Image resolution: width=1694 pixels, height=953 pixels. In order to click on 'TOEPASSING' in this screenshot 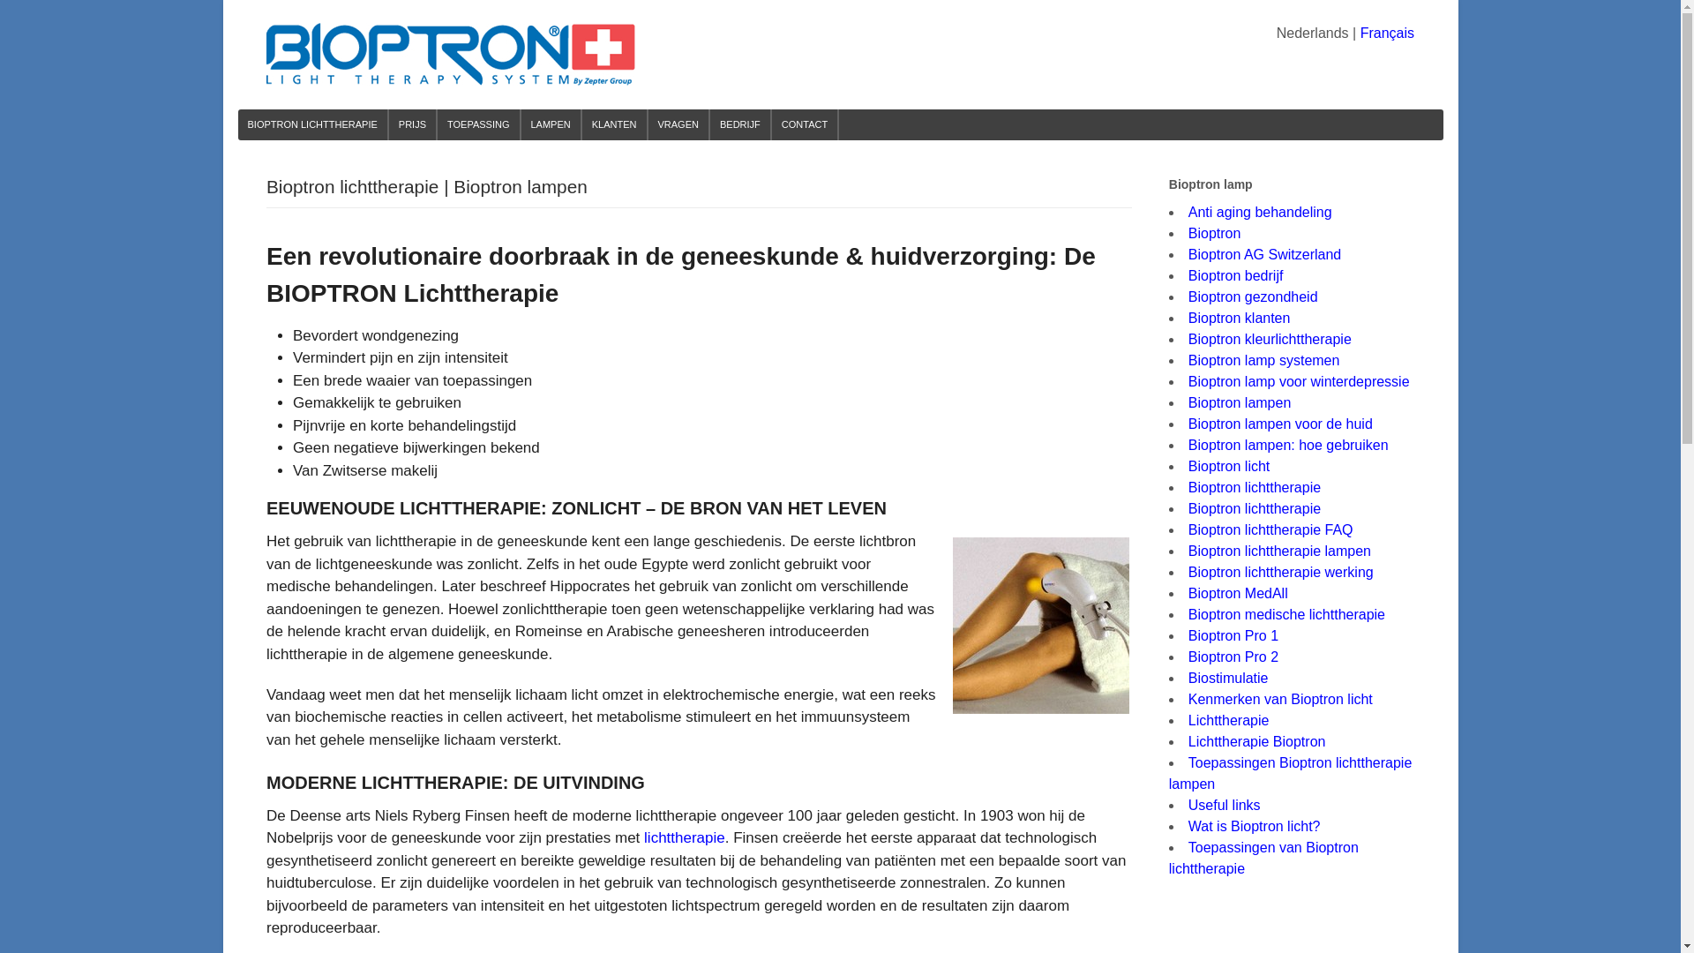, I will do `click(437, 124)`.